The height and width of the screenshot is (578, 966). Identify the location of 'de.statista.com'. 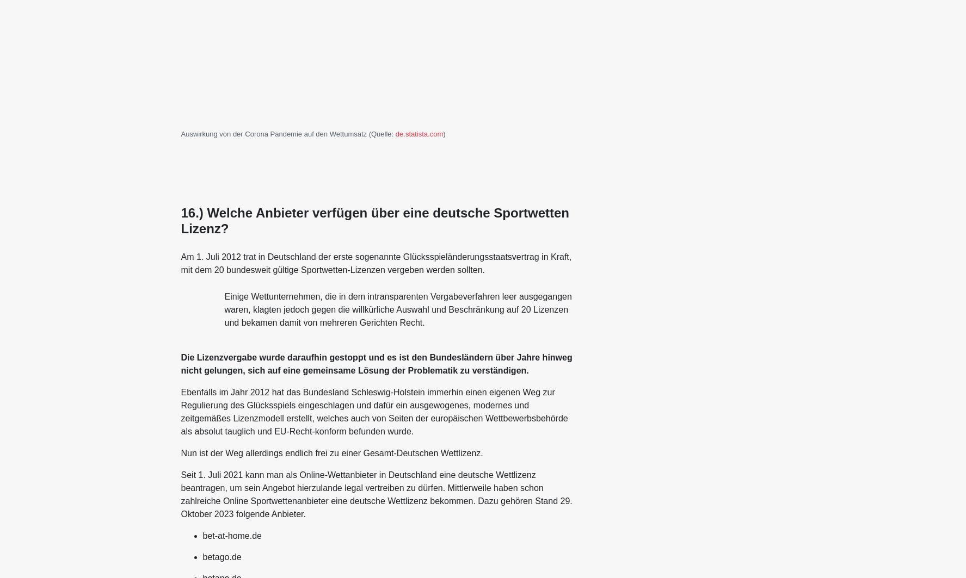
(419, 134).